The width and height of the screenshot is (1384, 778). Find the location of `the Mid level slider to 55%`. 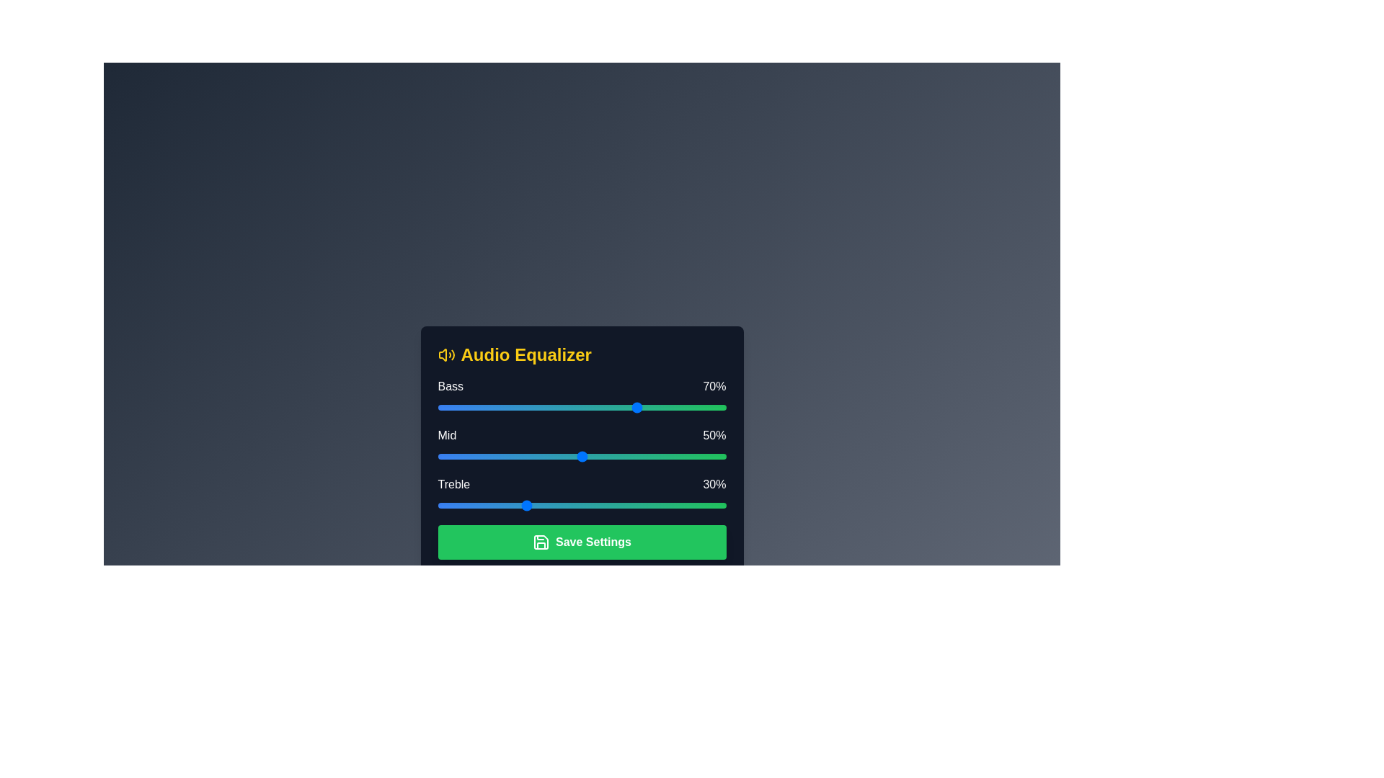

the Mid level slider to 55% is located at coordinates (596, 456).